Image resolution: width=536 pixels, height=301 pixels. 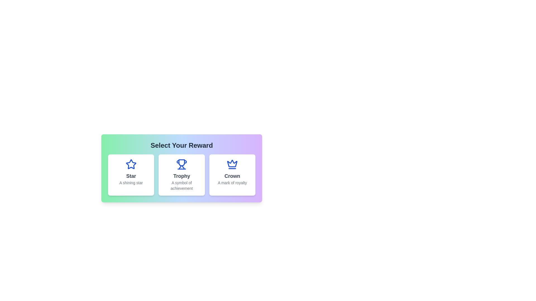 I want to click on the title of the component to focus it, so click(x=182, y=145).